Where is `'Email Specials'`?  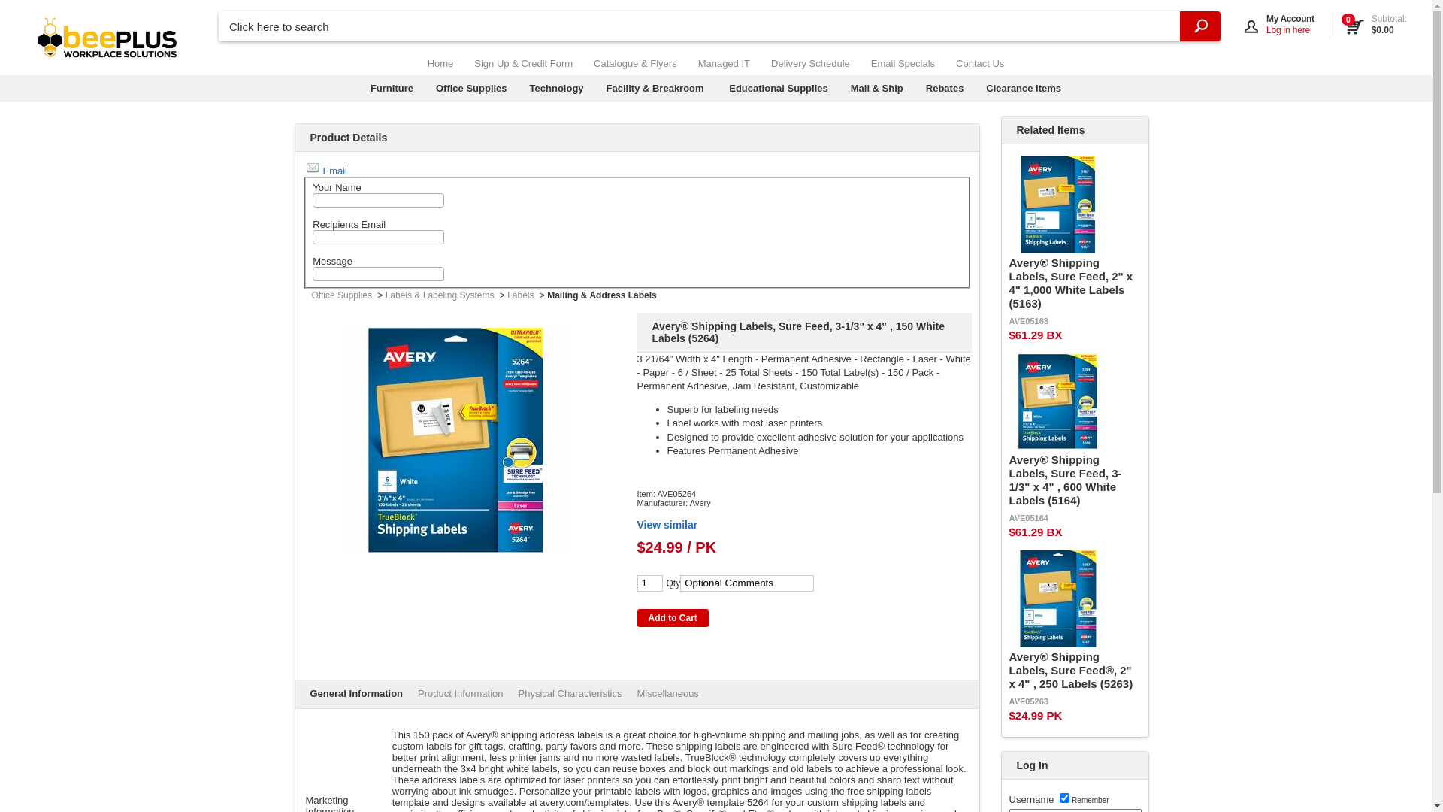
'Email Specials' is located at coordinates (902, 62).